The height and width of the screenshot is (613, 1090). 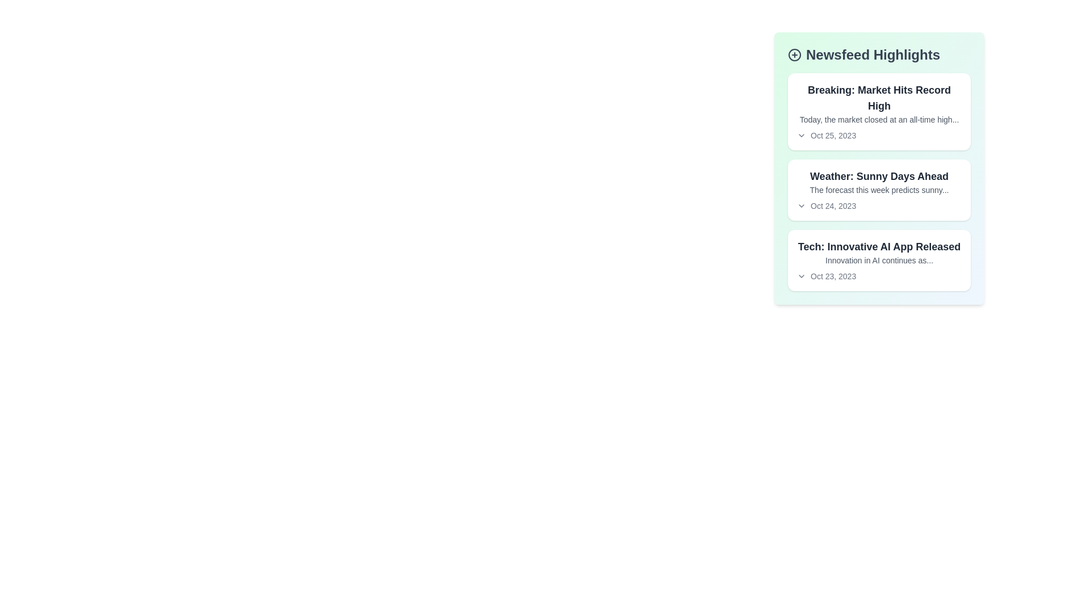 What do you see at coordinates (800, 276) in the screenshot?
I see `the arrow icon to toggle the details of the article titled 'Tech: Innovative AI App Released'` at bounding box center [800, 276].